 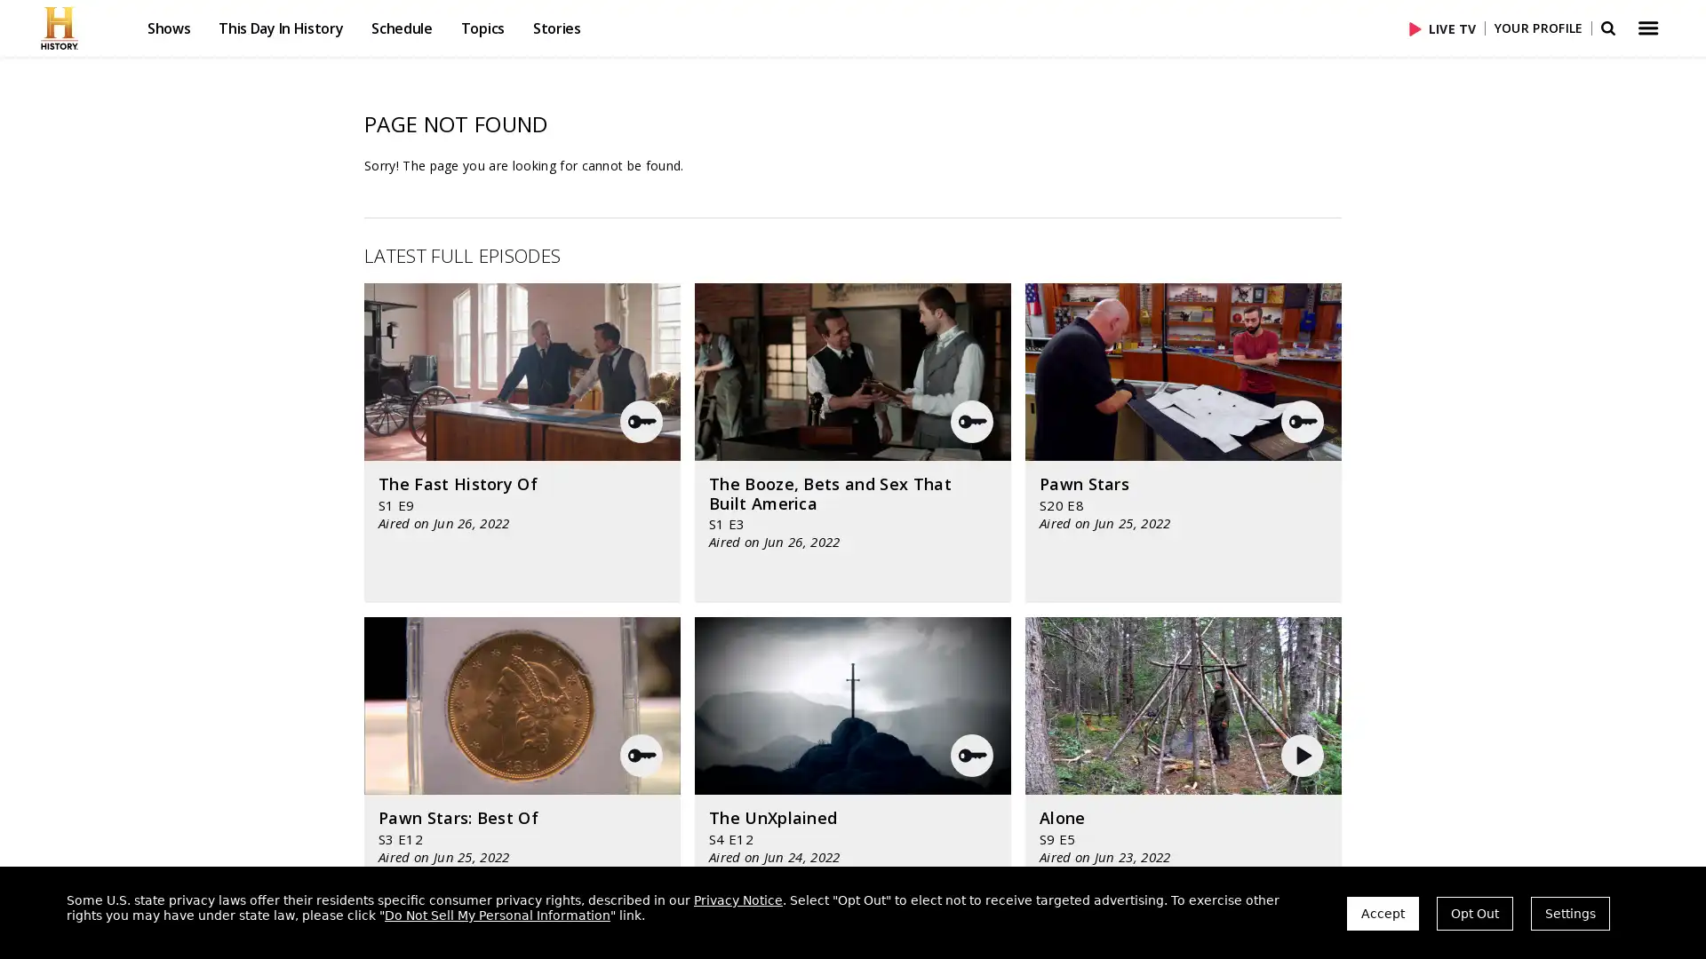 I want to click on Shows, so click(x=169, y=28).